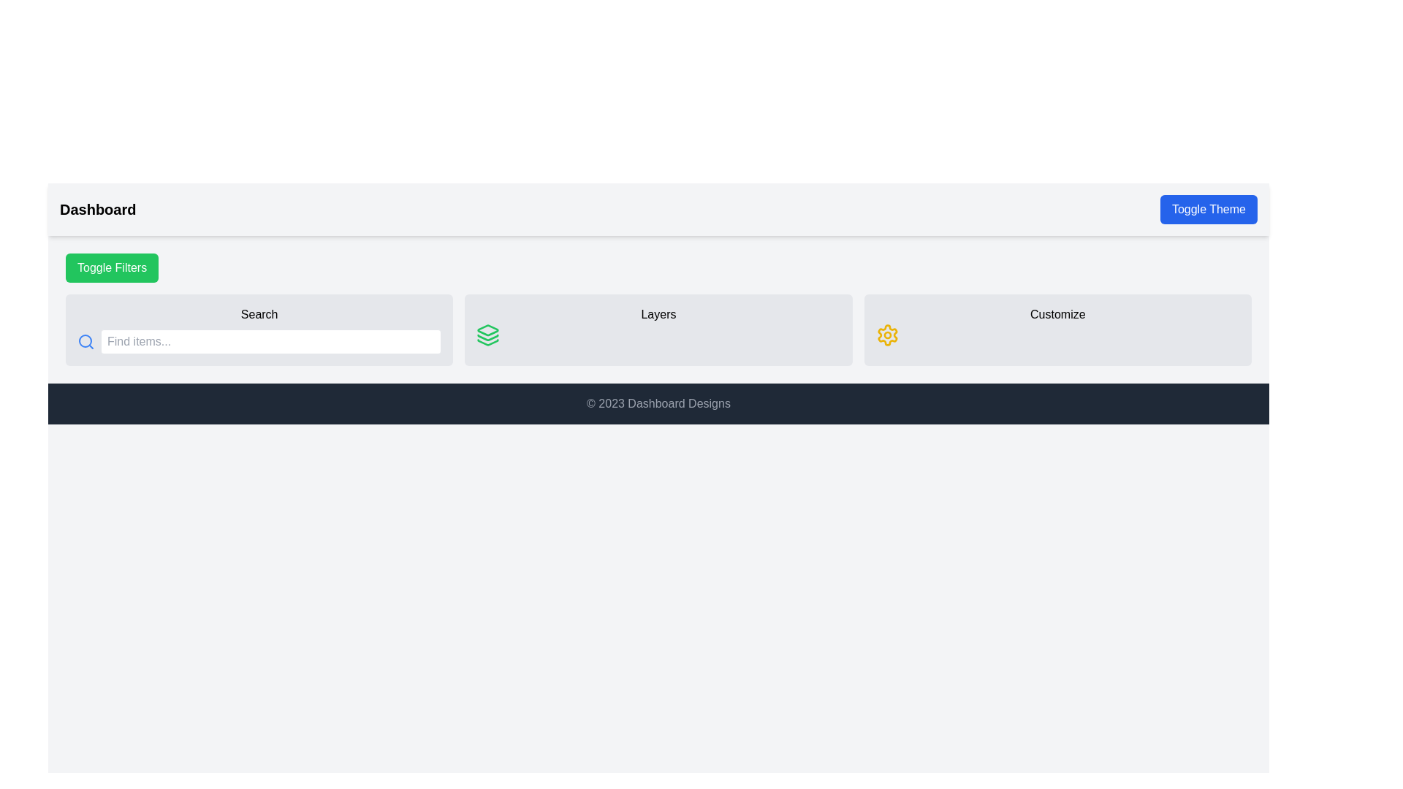  What do you see at coordinates (84, 340) in the screenshot?
I see `the graphical icon (circle component of a magnifier) that is part of the search icon, located near the 'Find items...' input field` at bounding box center [84, 340].